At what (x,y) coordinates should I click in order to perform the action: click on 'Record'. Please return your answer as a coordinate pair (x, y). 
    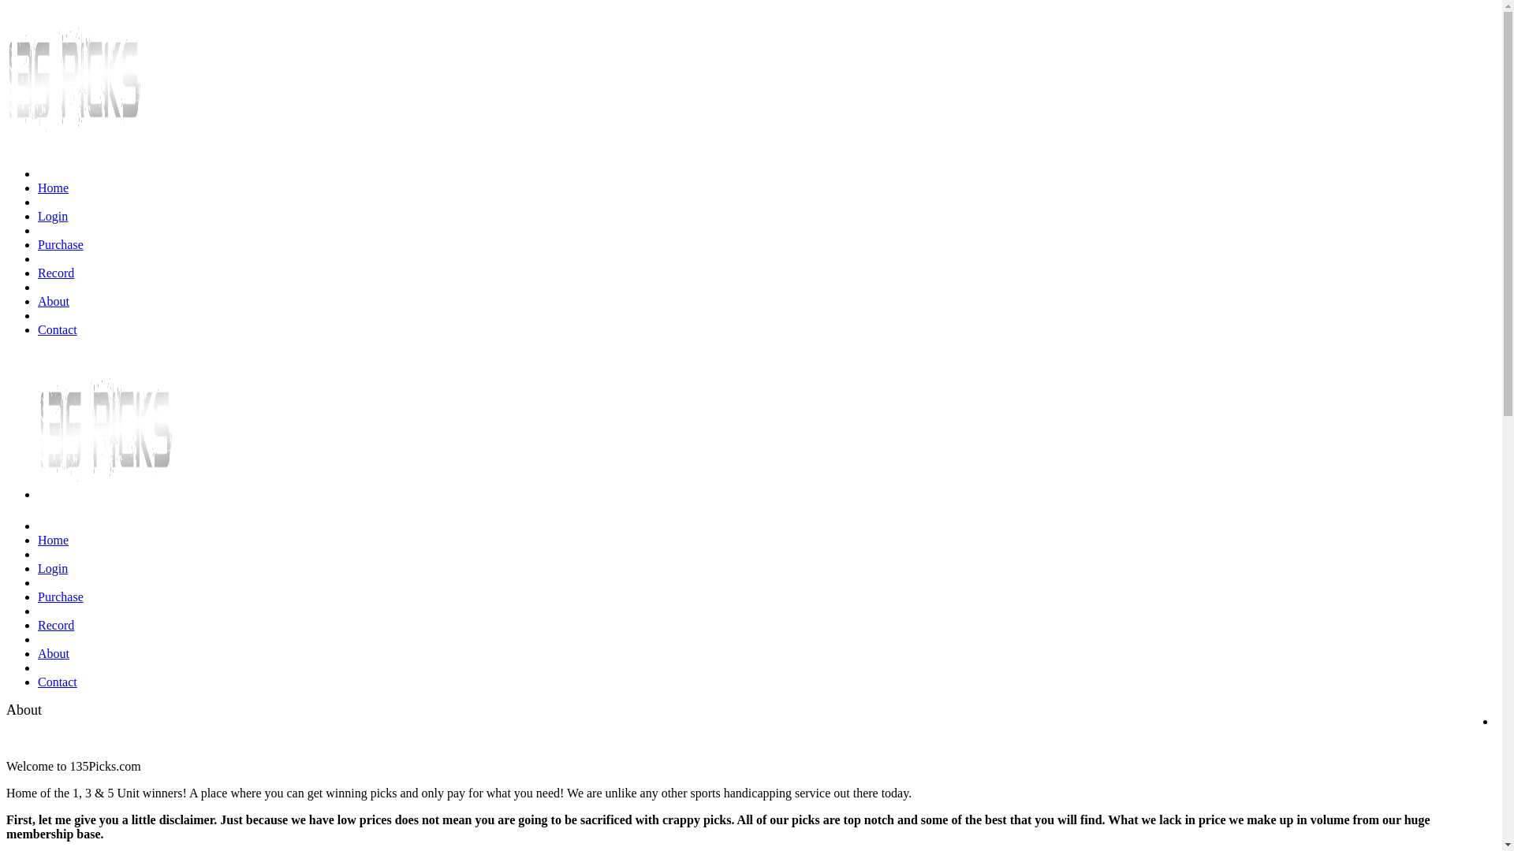
    Looking at the image, I should click on (56, 272).